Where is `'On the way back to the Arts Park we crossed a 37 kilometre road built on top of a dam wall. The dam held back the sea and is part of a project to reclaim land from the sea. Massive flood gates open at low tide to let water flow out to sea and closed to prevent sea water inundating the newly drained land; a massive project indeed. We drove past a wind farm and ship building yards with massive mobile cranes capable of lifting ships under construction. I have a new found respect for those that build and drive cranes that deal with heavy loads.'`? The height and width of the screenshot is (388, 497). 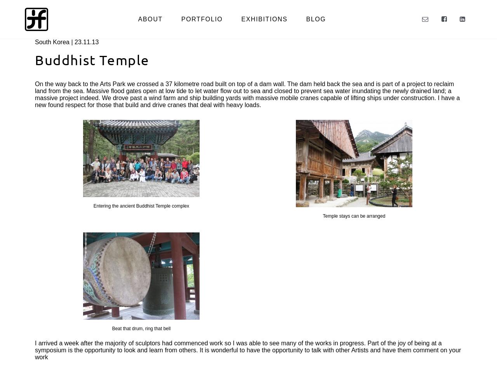 'On the way back to the Arts Park we crossed a 37 kilometre road built on top of a dam wall. The dam held back the sea and is part of a project to reclaim land from the sea. Massive flood gates open at low tide to let water flow out to sea and closed to prevent sea water inundating the newly drained land; a massive project indeed. We drove past a wind farm and ship building yards with massive mobile cranes capable of lifting ships under construction. I have a new found respect for those that build and drive cranes that deal with heavy loads.' is located at coordinates (247, 94).